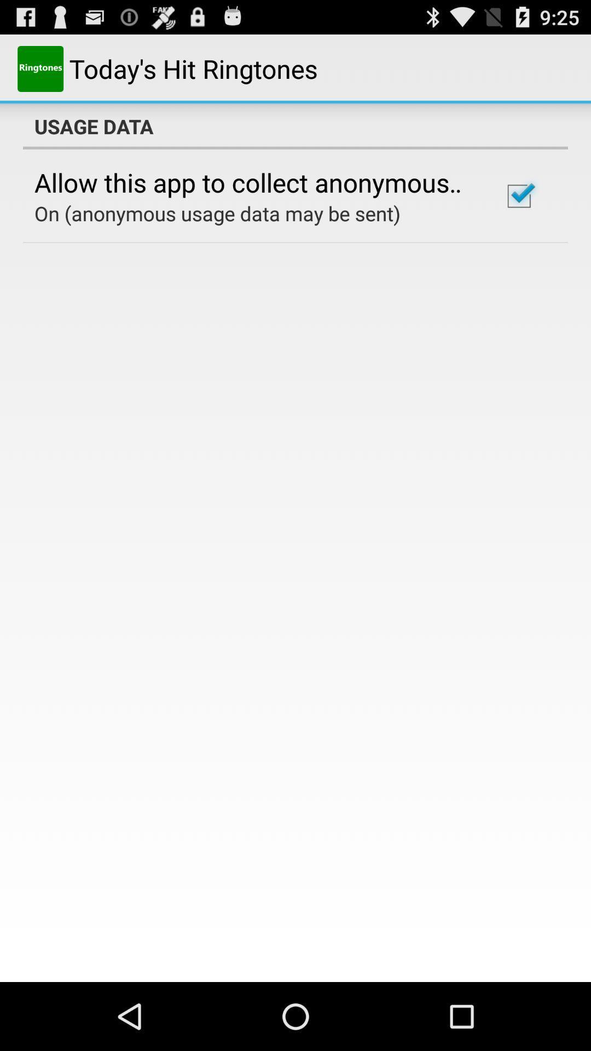  I want to click on icon to the right of the allow this app, so click(518, 196).